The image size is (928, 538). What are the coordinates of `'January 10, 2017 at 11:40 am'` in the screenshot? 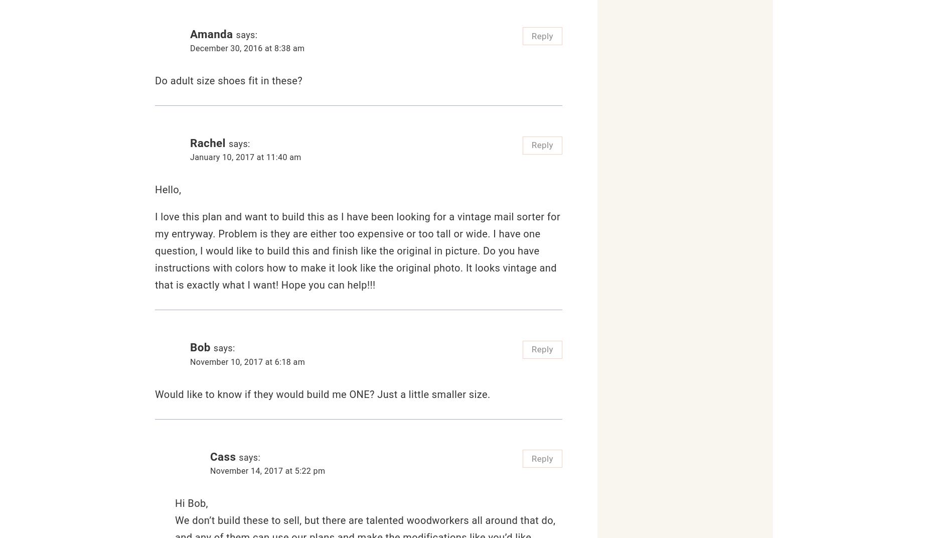 It's located at (245, 157).